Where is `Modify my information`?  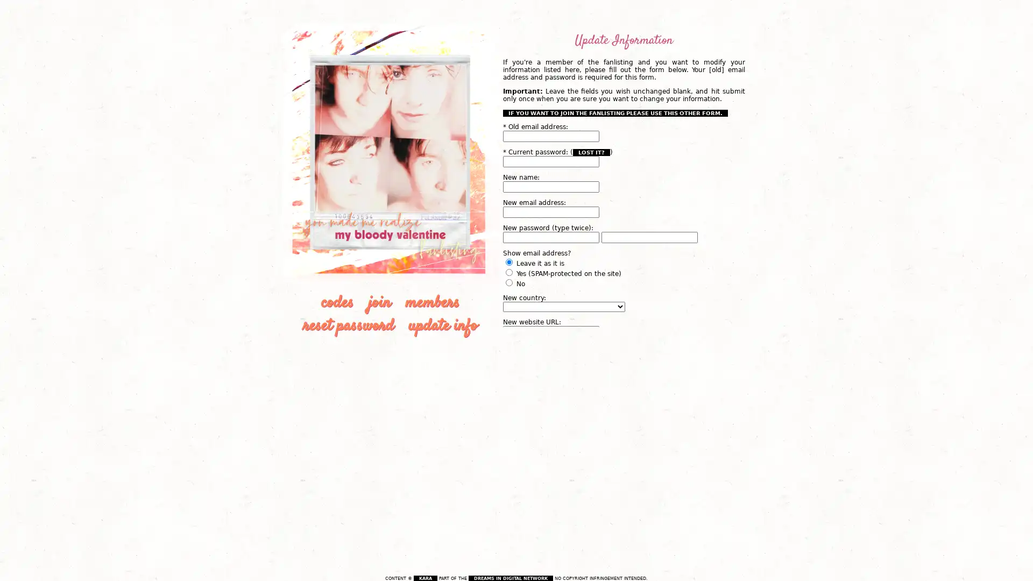 Modify my information is located at coordinates (547, 395).